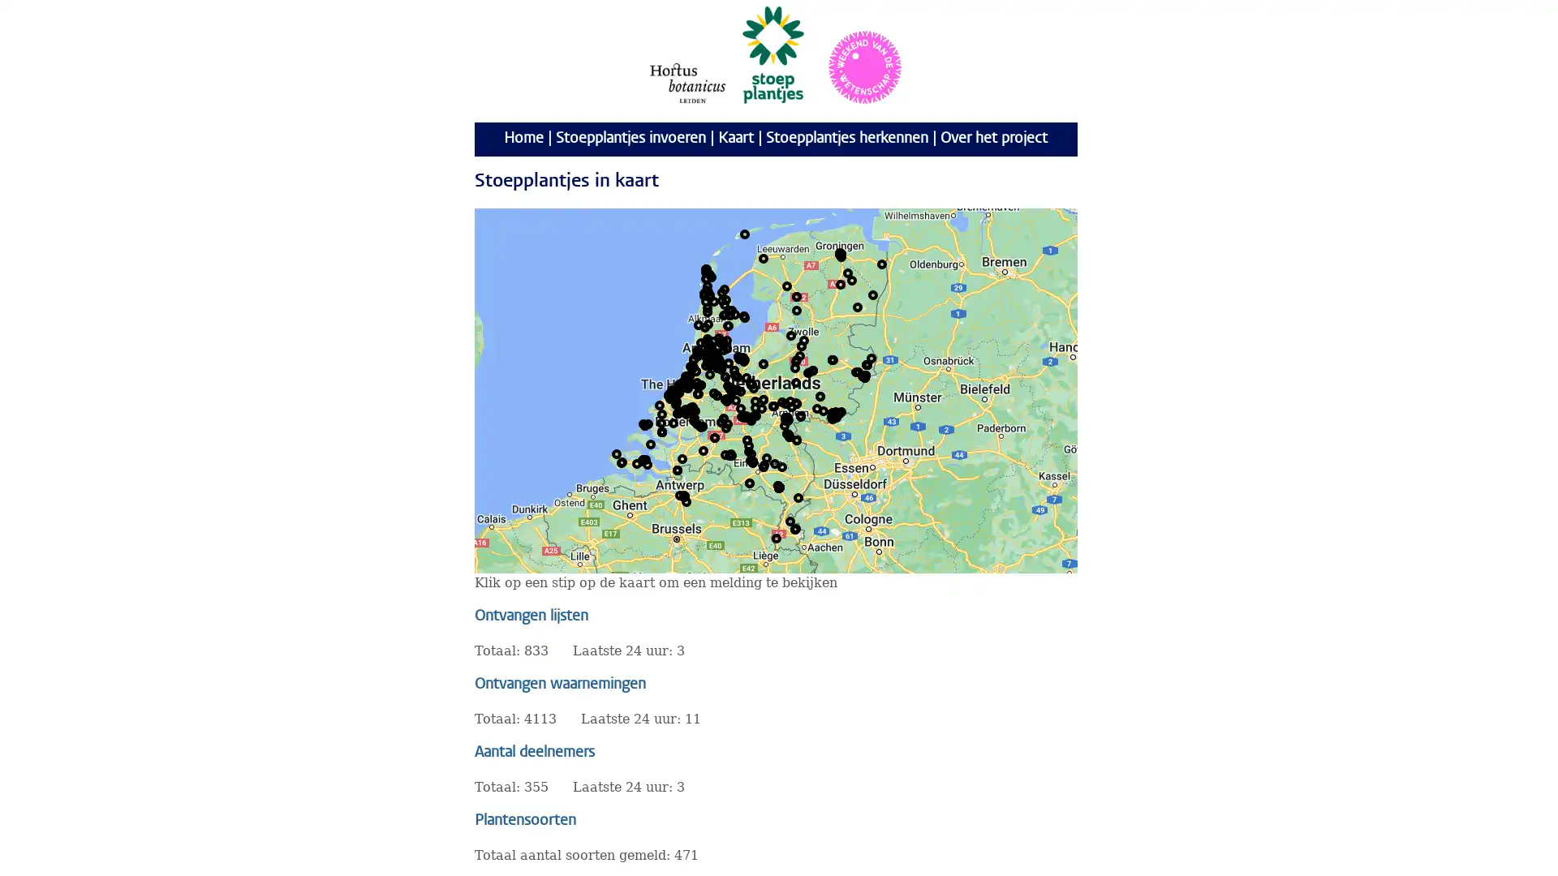 The height and width of the screenshot is (876, 1558). What do you see at coordinates (678, 409) in the screenshot?
I see `Telling van Aad J op 28 maart 2022` at bounding box center [678, 409].